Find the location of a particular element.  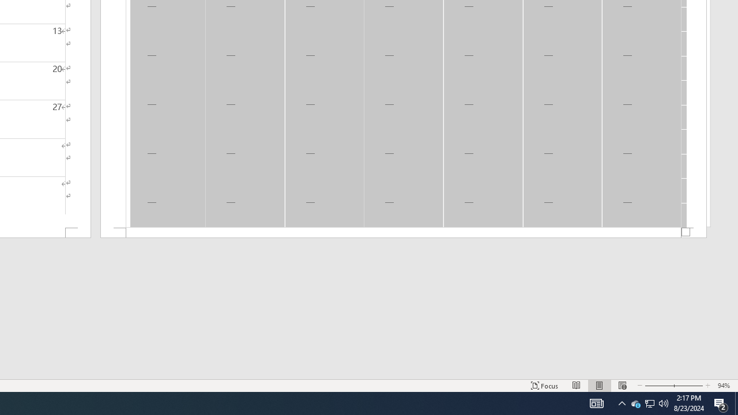

'Print Layout' is located at coordinates (600, 386).